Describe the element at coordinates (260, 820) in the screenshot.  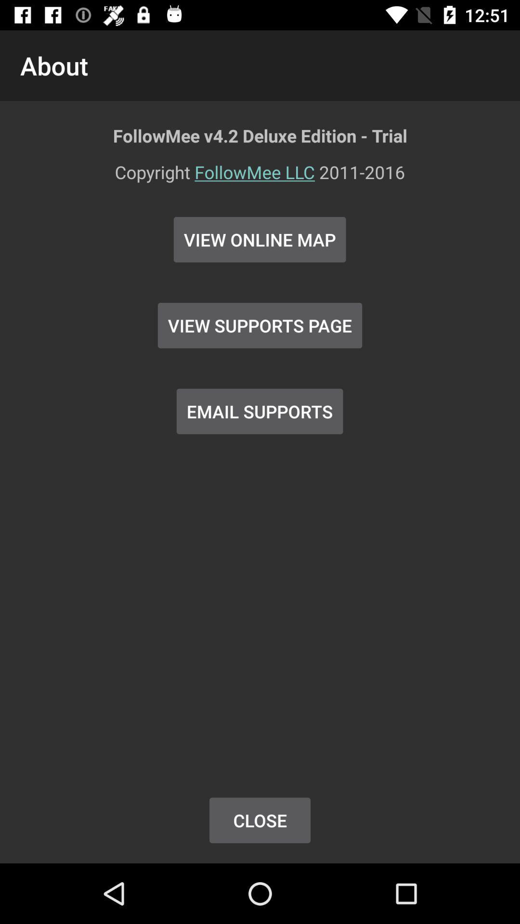
I see `the close` at that location.